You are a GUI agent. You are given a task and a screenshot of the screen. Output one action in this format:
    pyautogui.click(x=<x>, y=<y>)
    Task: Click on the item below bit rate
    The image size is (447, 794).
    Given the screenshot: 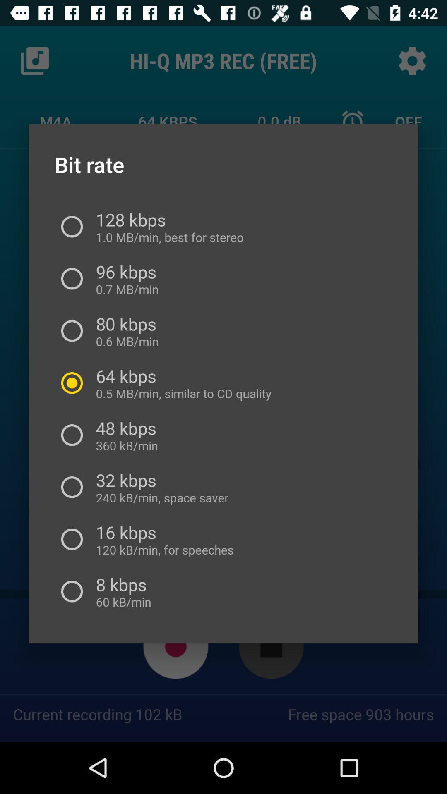 What is the action you would take?
    pyautogui.click(x=166, y=227)
    